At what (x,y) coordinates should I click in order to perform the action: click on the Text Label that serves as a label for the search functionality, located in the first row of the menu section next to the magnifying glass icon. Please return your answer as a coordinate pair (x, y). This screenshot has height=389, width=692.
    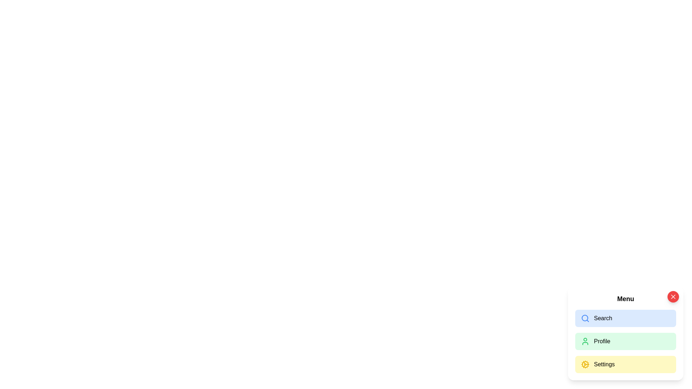
    Looking at the image, I should click on (603, 318).